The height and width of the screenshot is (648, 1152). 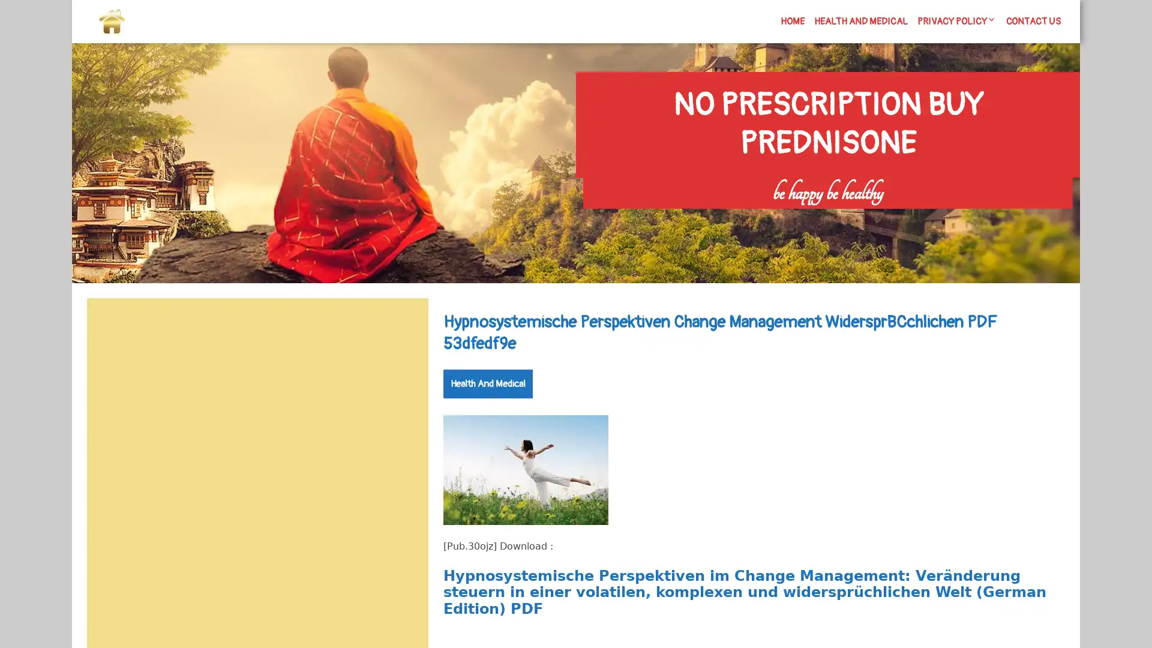 What do you see at coordinates (400, 327) in the screenshot?
I see `Search` at bounding box center [400, 327].